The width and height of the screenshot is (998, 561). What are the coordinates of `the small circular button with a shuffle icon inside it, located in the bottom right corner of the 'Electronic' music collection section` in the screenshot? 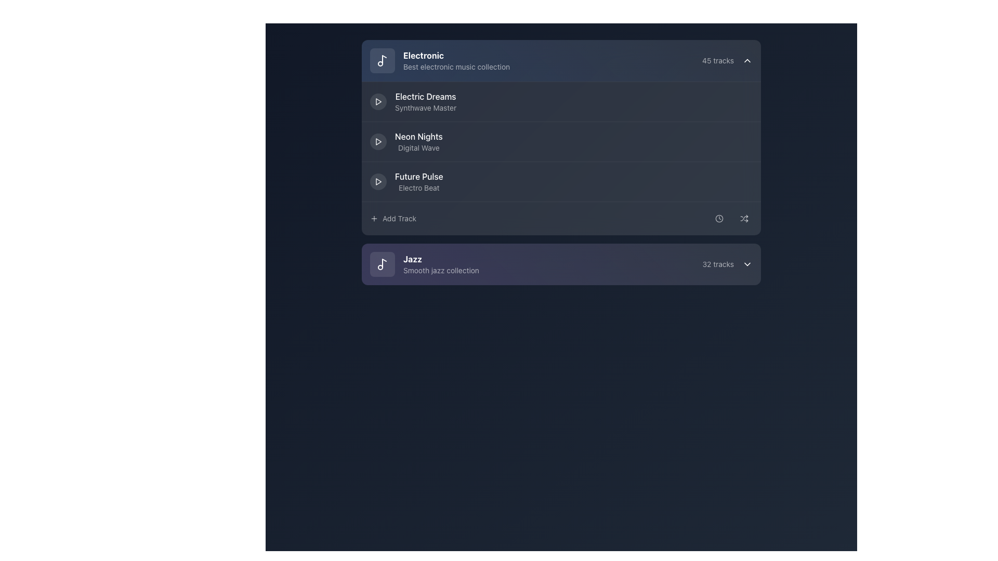 It's located at (743, 218).